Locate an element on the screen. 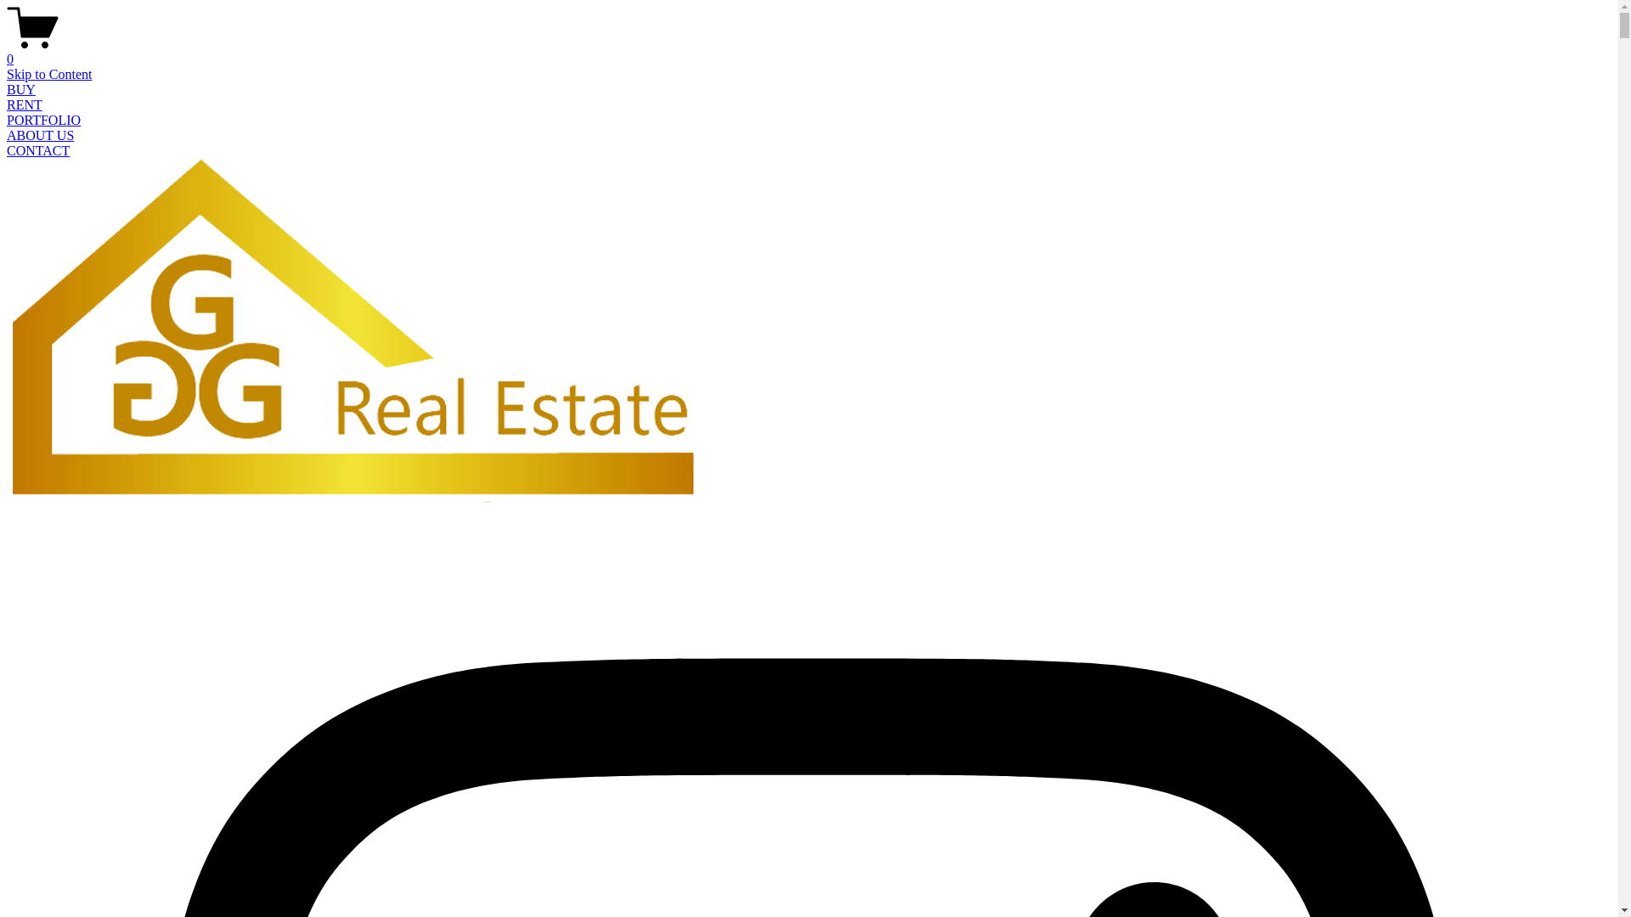 The image size is (1631, 917). 'RENT' is located at coordinates (24, 104).